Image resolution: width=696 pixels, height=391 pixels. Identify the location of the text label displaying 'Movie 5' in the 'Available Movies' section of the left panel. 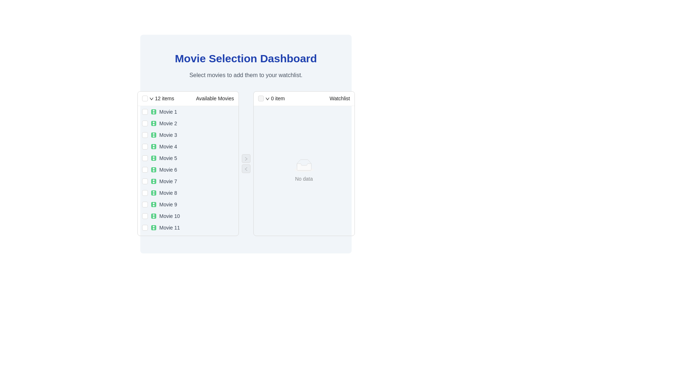
(168, 157).